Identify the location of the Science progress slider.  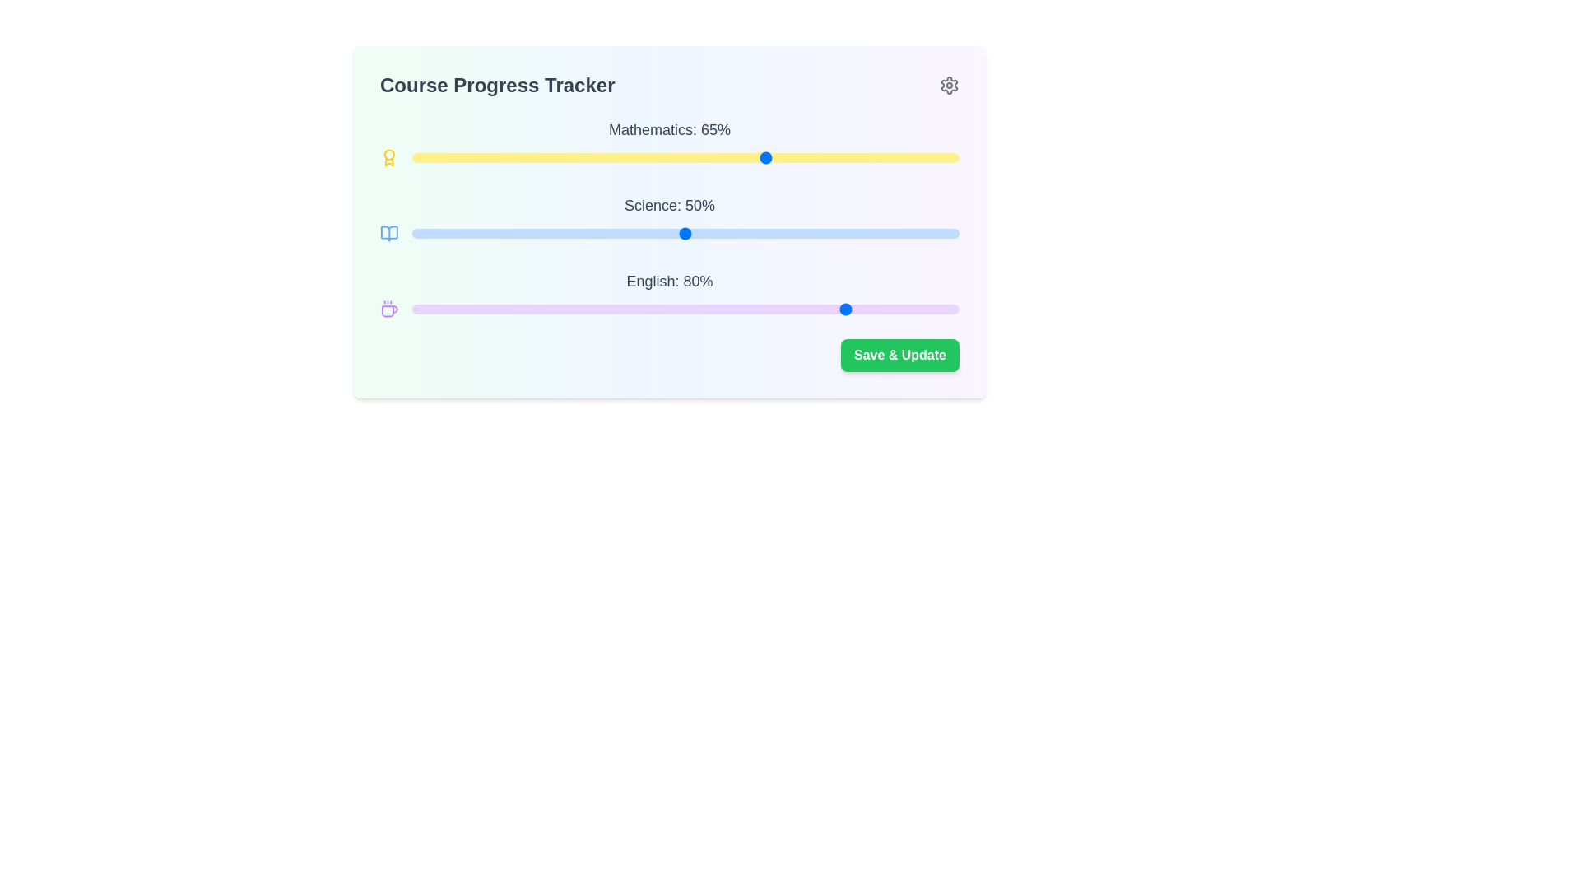
(537, 234).